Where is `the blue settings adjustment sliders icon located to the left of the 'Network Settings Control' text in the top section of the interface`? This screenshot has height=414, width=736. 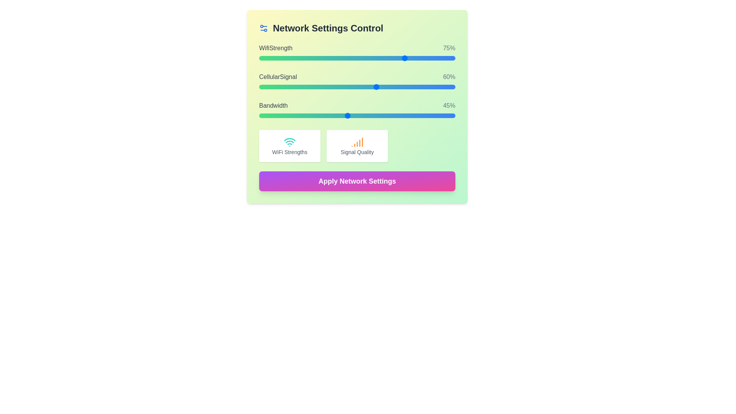
the blue settings adjustment sliders icon located to the left of the 'Network Settings Control' text in the top section of the interface is located at coordinates (263, 28).